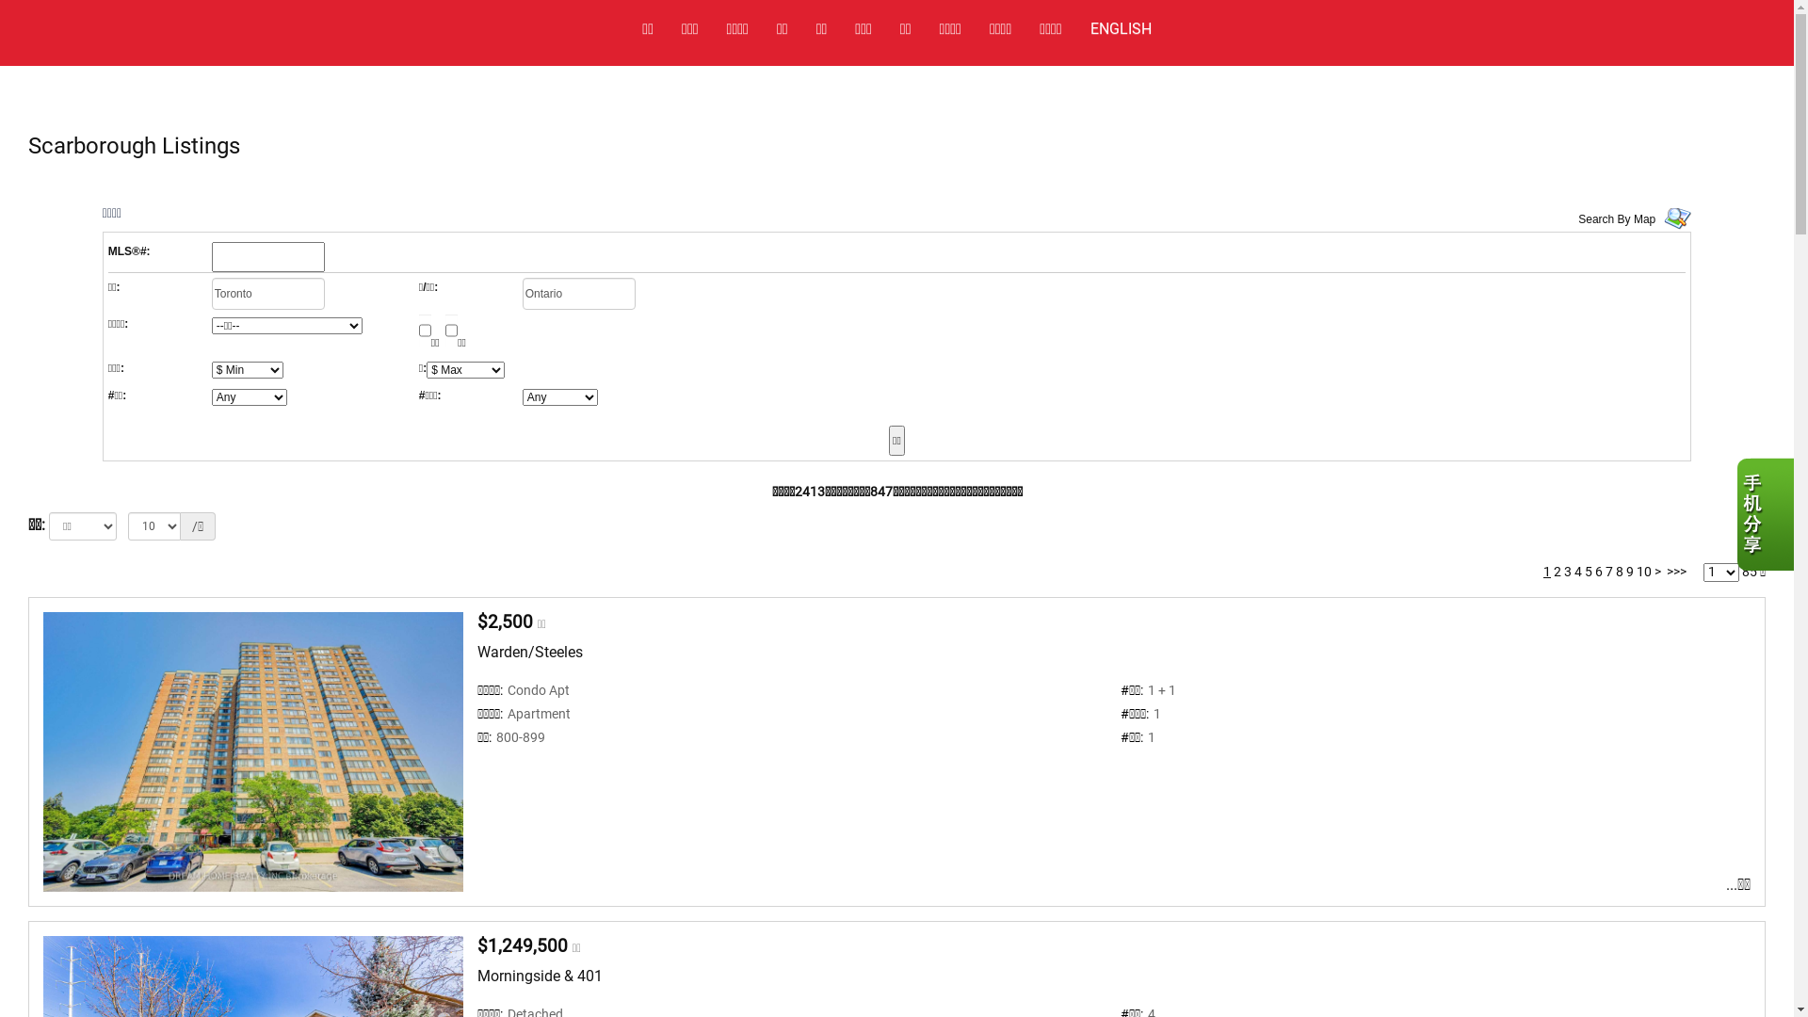 The width and height of the screenshot is (1808, 1017). What do you see at coordinates (1598, 570) in the screenshot?
I see `'6'` at bounding box center [1598, 570].